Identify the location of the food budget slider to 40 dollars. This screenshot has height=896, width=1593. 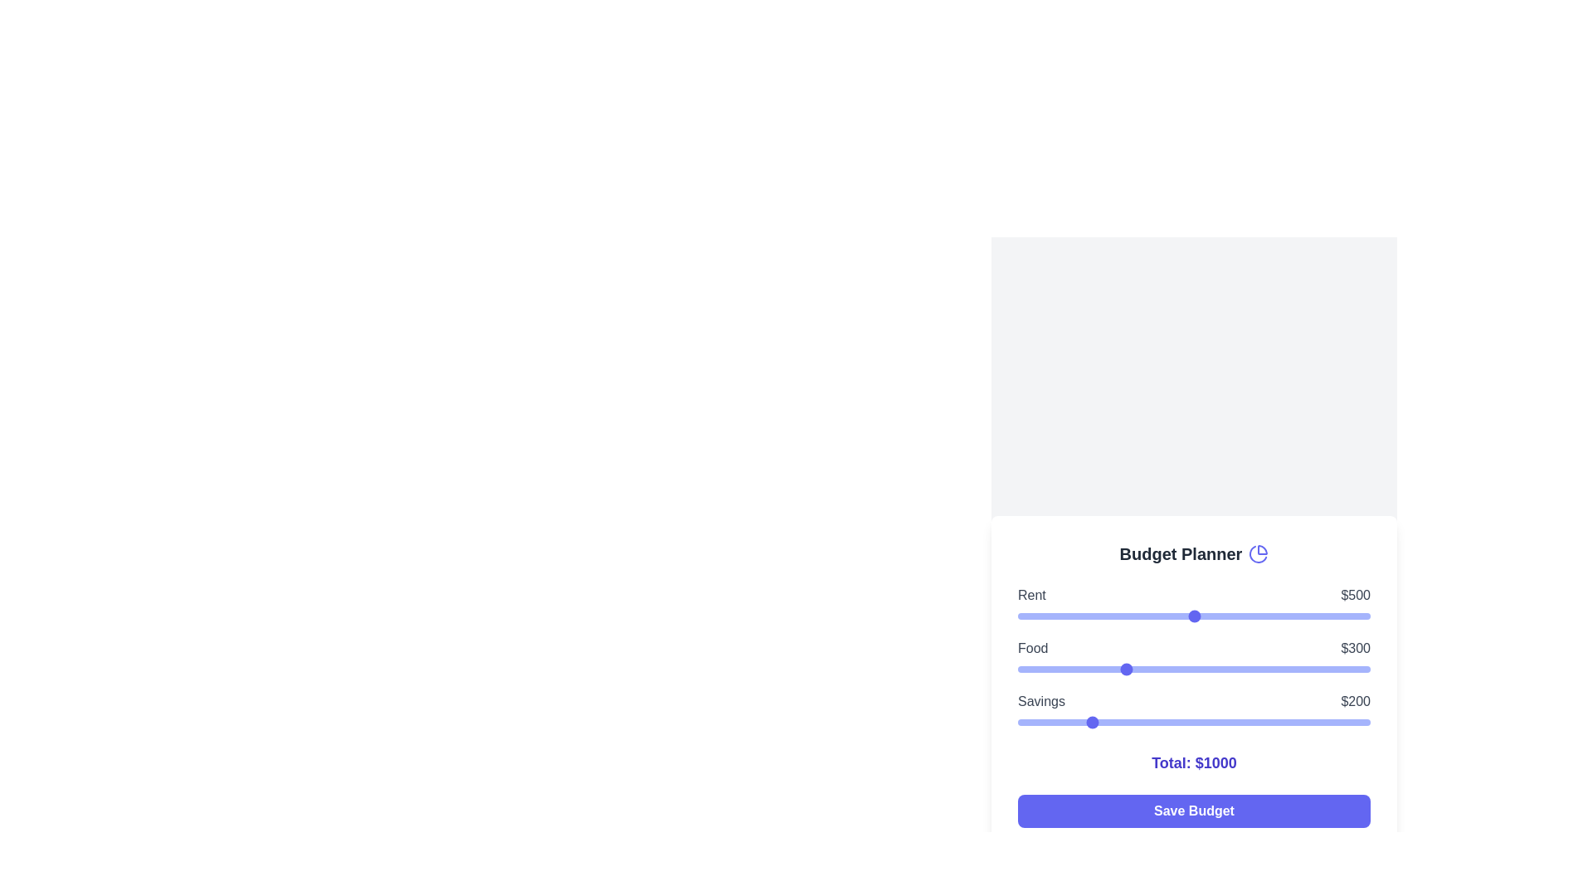
(1030, 668).